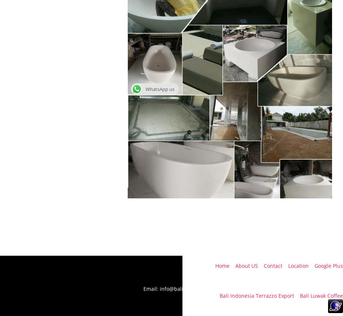 This screenshot has width=343, height=316. What do you see at coordinates (281, 274) in the screenshot?
I see `'JL. Tumbakbayuh No.77 - Pererenan, Badung - Bali'` at bounding box center [281, 274].